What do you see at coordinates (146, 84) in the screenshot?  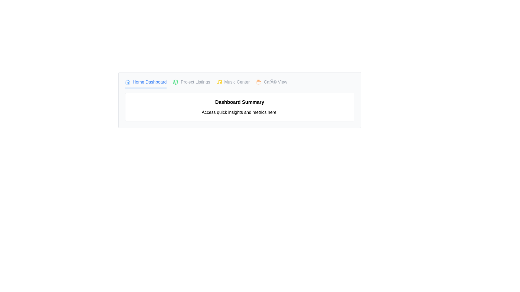 I see `the clickable navigation link that directs the user to the 'Home Dashboard' section, which is the first item in a horizontal list of navigation links` at bounding box center [146, 84].